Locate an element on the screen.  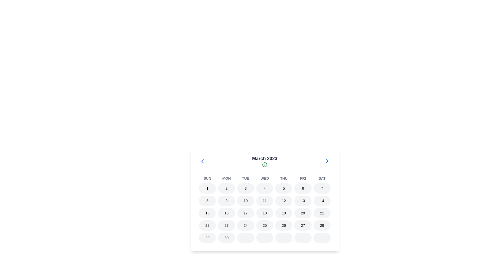
the text label displaying 'Sat', which is styled in small uppercase gray font and located at the far right of a row of abbreviated weekday names is located at coordinates (322, 178).